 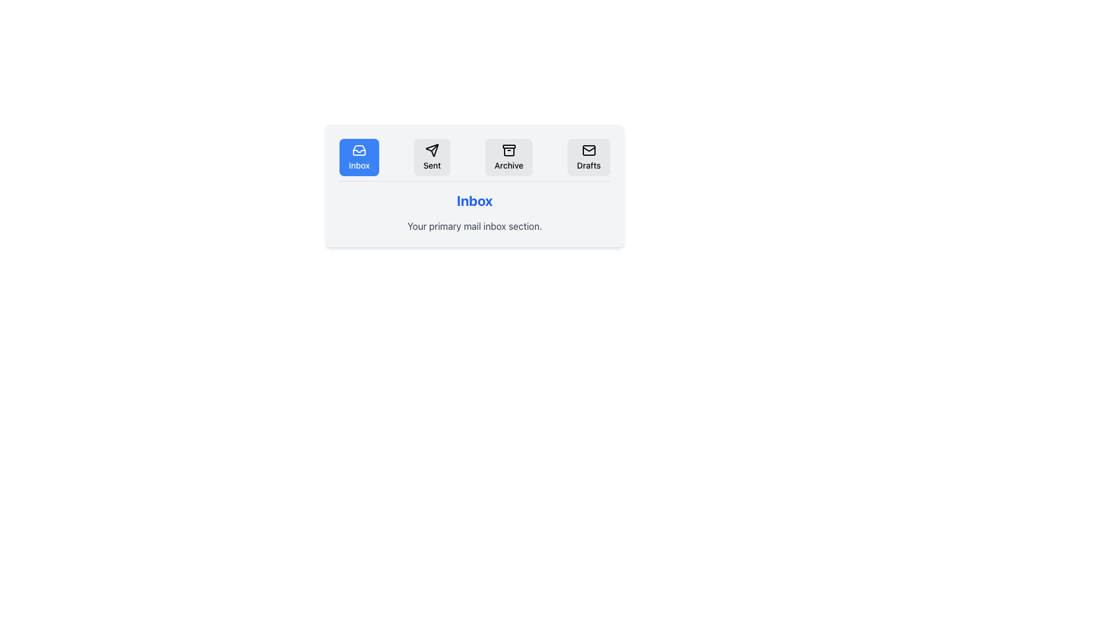 What do you see at coordinates (358, 150) in the screenshot?
I see `the blue square SVG icon with a white tray and downward arrow, labeled 'Inbox'` at bounding box center [358, 150].